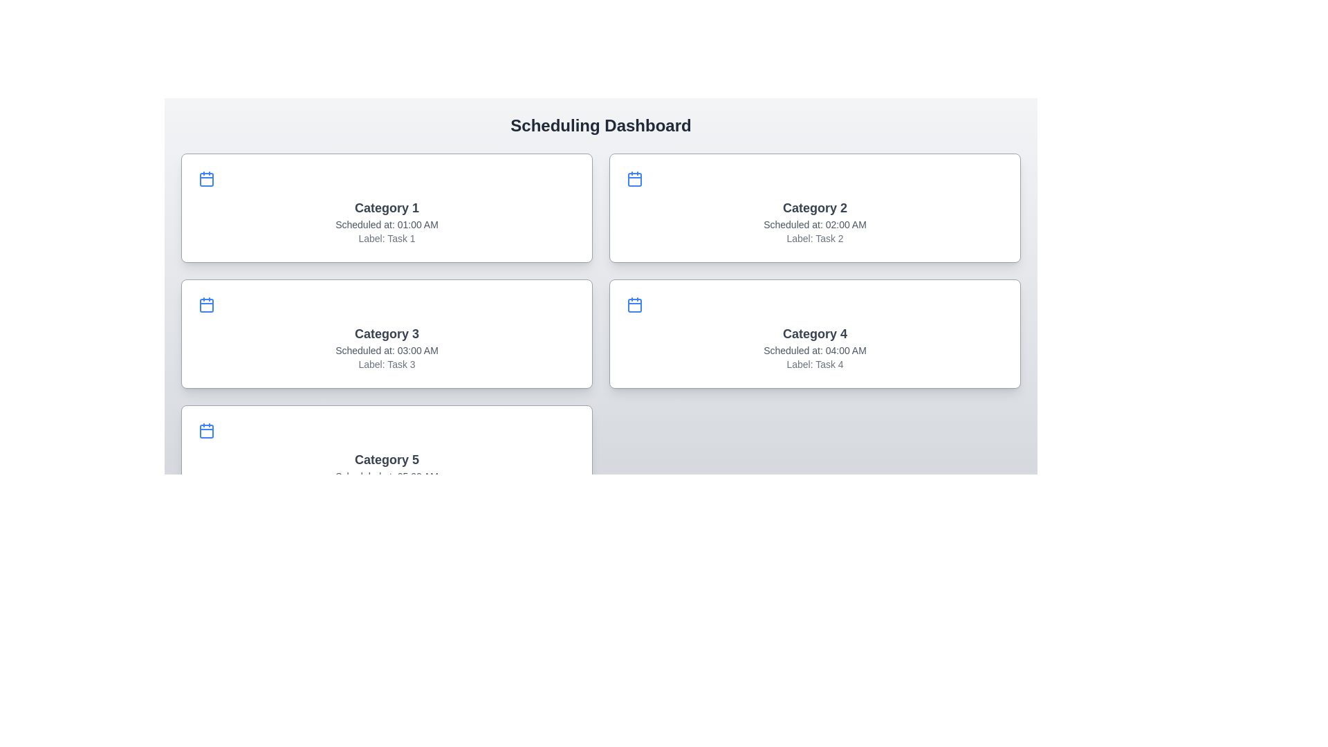 This screenshot has height=747, width=1328. What do you see at coordinates (387, 476) in the screenshot?
I see `the second textual line within the 'Category 5' card, which provides information about the scheduled time for the associated task, positioned below the header 'Category 5' and above the label 'Label: Task 5'` at bounding box center [387, 476].